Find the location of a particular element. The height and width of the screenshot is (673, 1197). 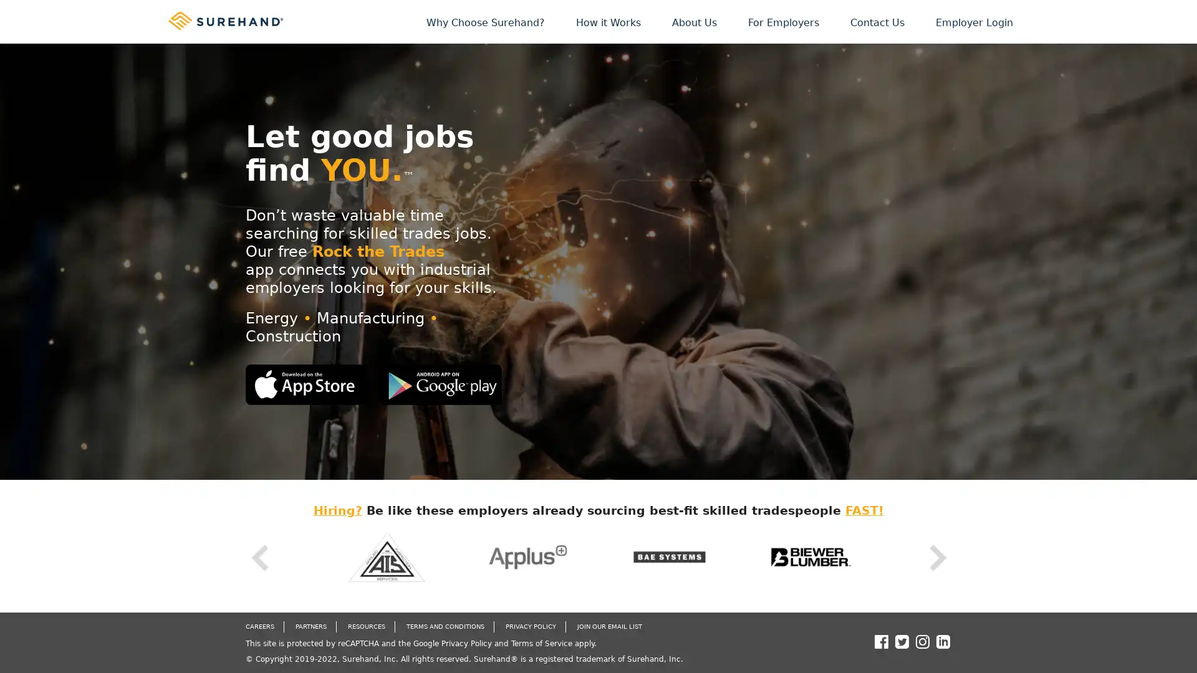

Next is located at coordinates (937, 557).